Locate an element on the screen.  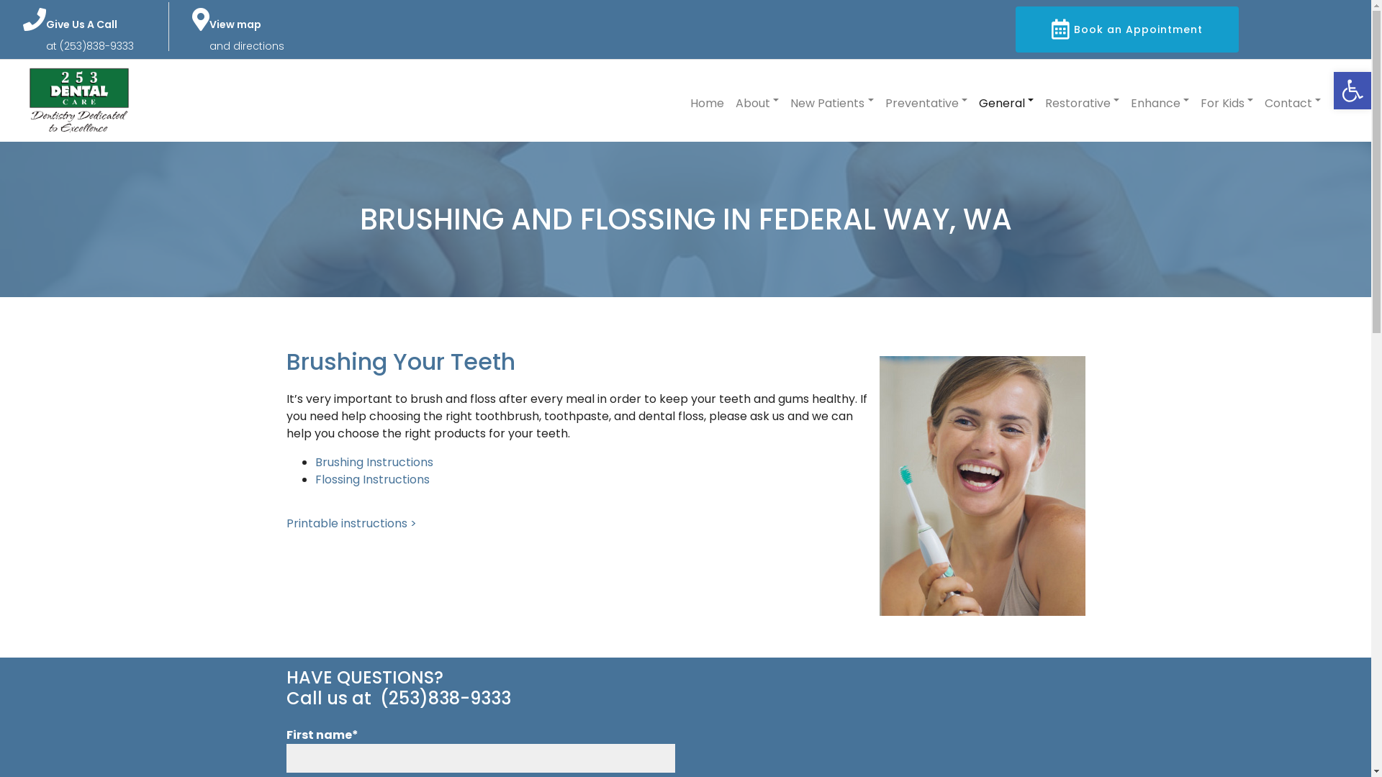
'General' is located at coordinates (1005, 99).